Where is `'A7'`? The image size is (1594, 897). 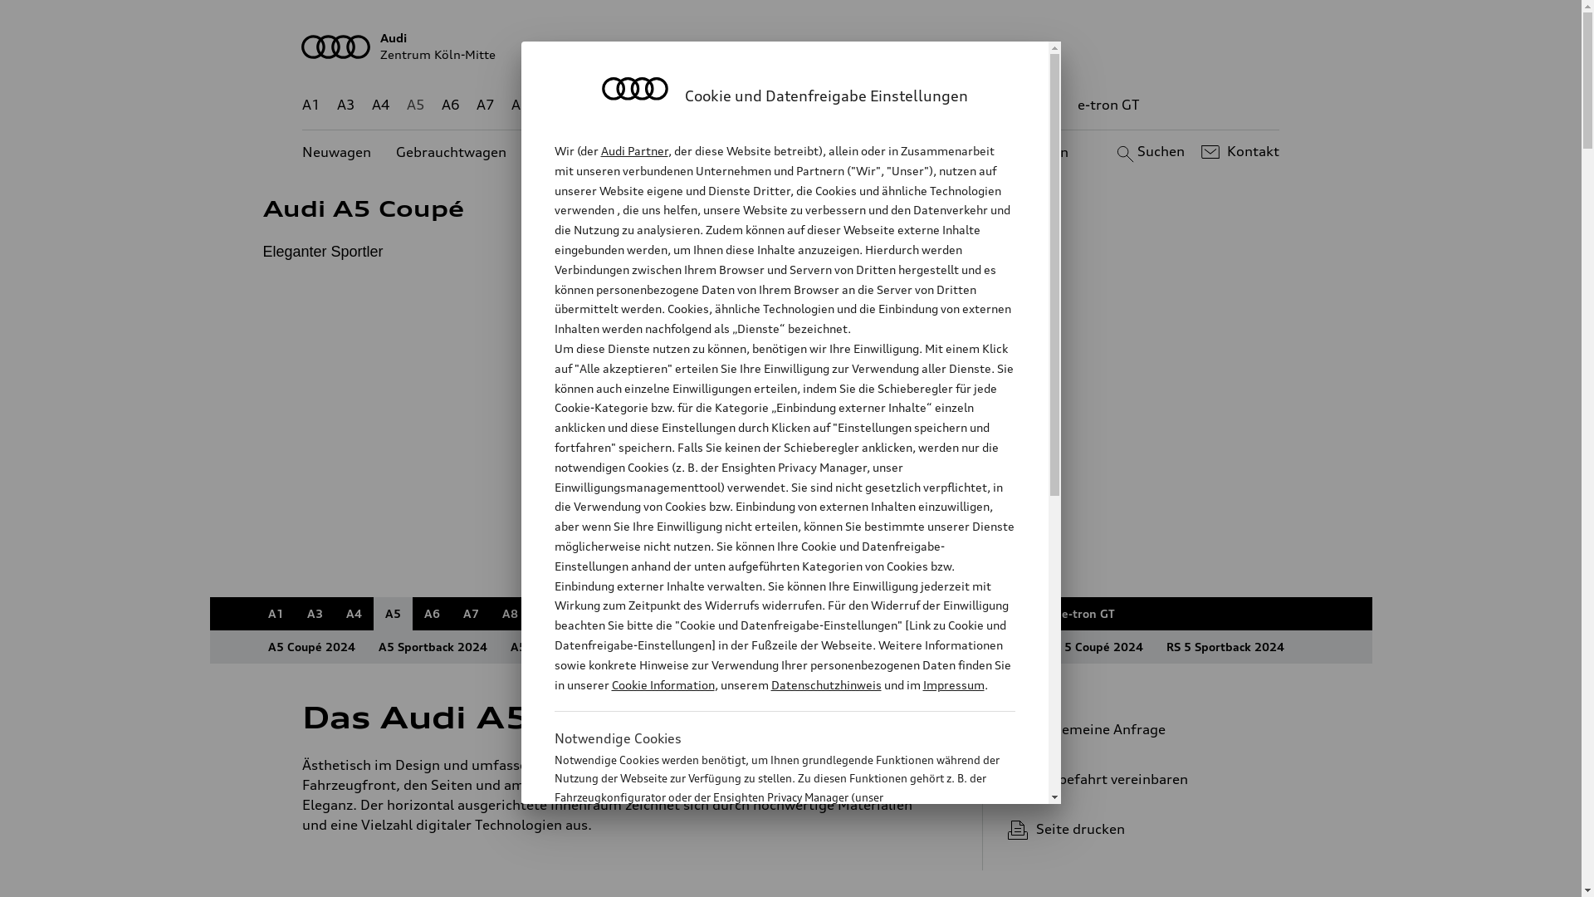 'A7' is located at coordinates (476, 105).